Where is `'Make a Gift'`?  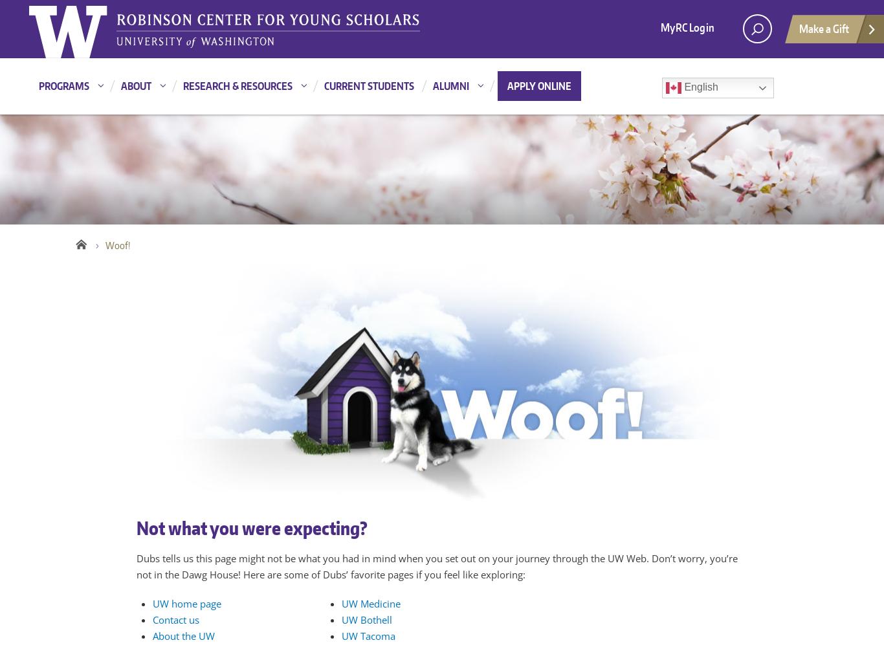 'Make a Gift' is located at coordinates (823, 28).